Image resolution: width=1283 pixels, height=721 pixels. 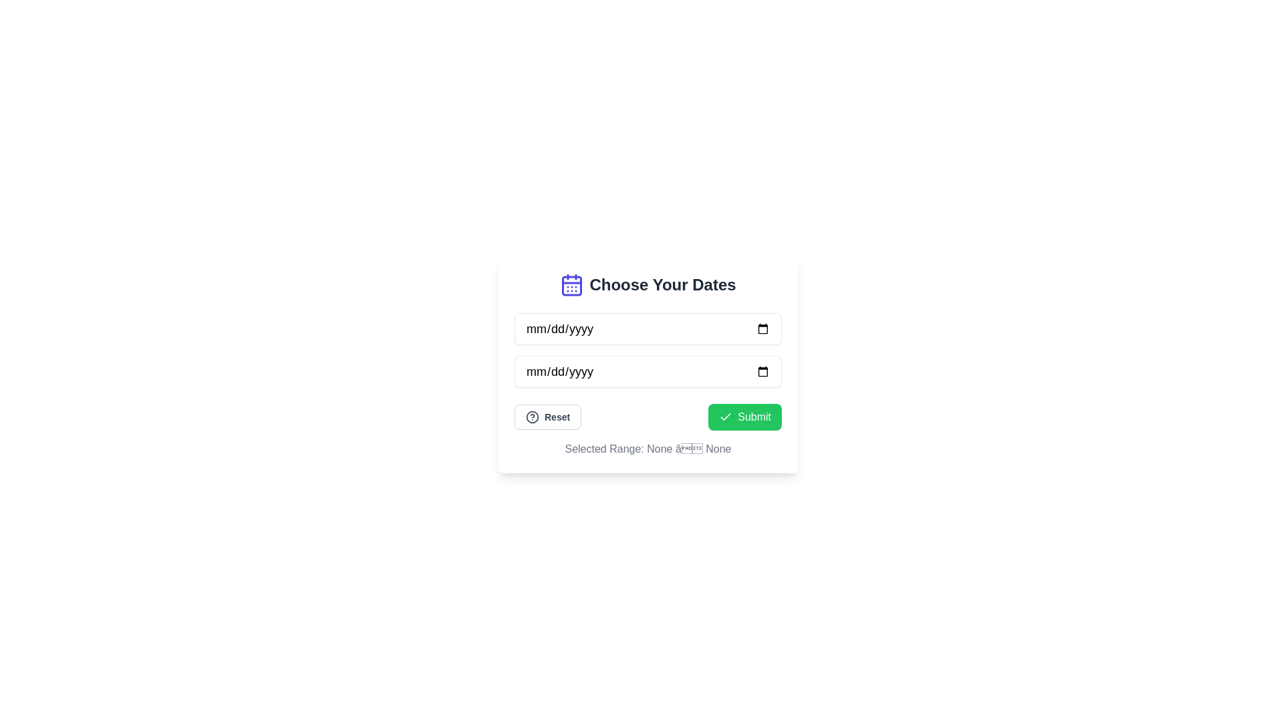 What do you see at coordinates (531, 416) in the screenshot?
I see `the help icon located inside the 'Reset' button, which is positioned to the left of the text 'Reset' and below the date input fields` at bounding box center [531, 416].